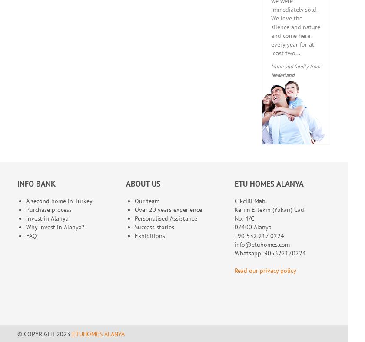  I want to click on 'ETU Homes Alanya', so click(269, 183).